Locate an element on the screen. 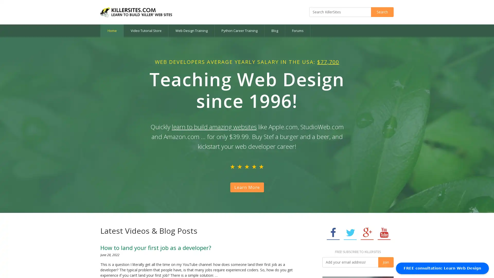 This screenshot has width=494, height=278. Search is located at coordinates (382, 12).